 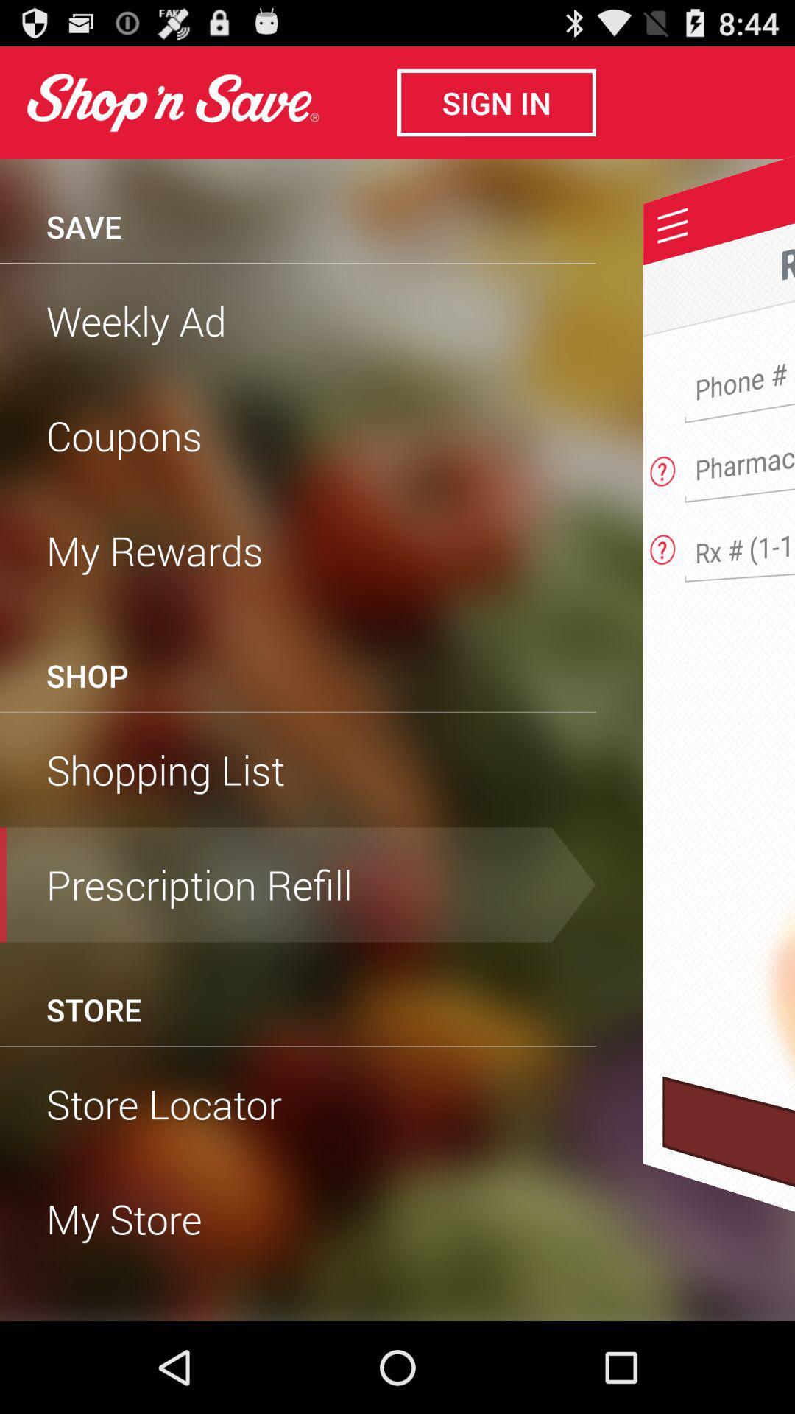 I want to click on show help for writing on this field, so click(x=662, y=466).